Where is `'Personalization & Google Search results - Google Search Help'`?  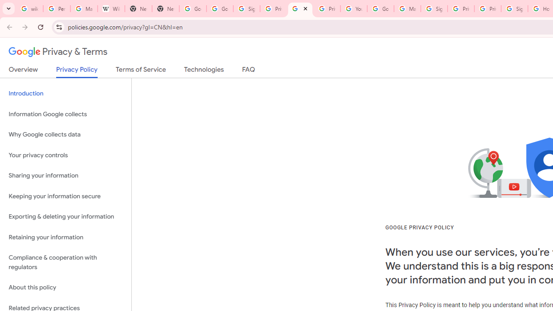
'Personalization & Google Search results - Google Search Help' is located at coordinates (56, 9).